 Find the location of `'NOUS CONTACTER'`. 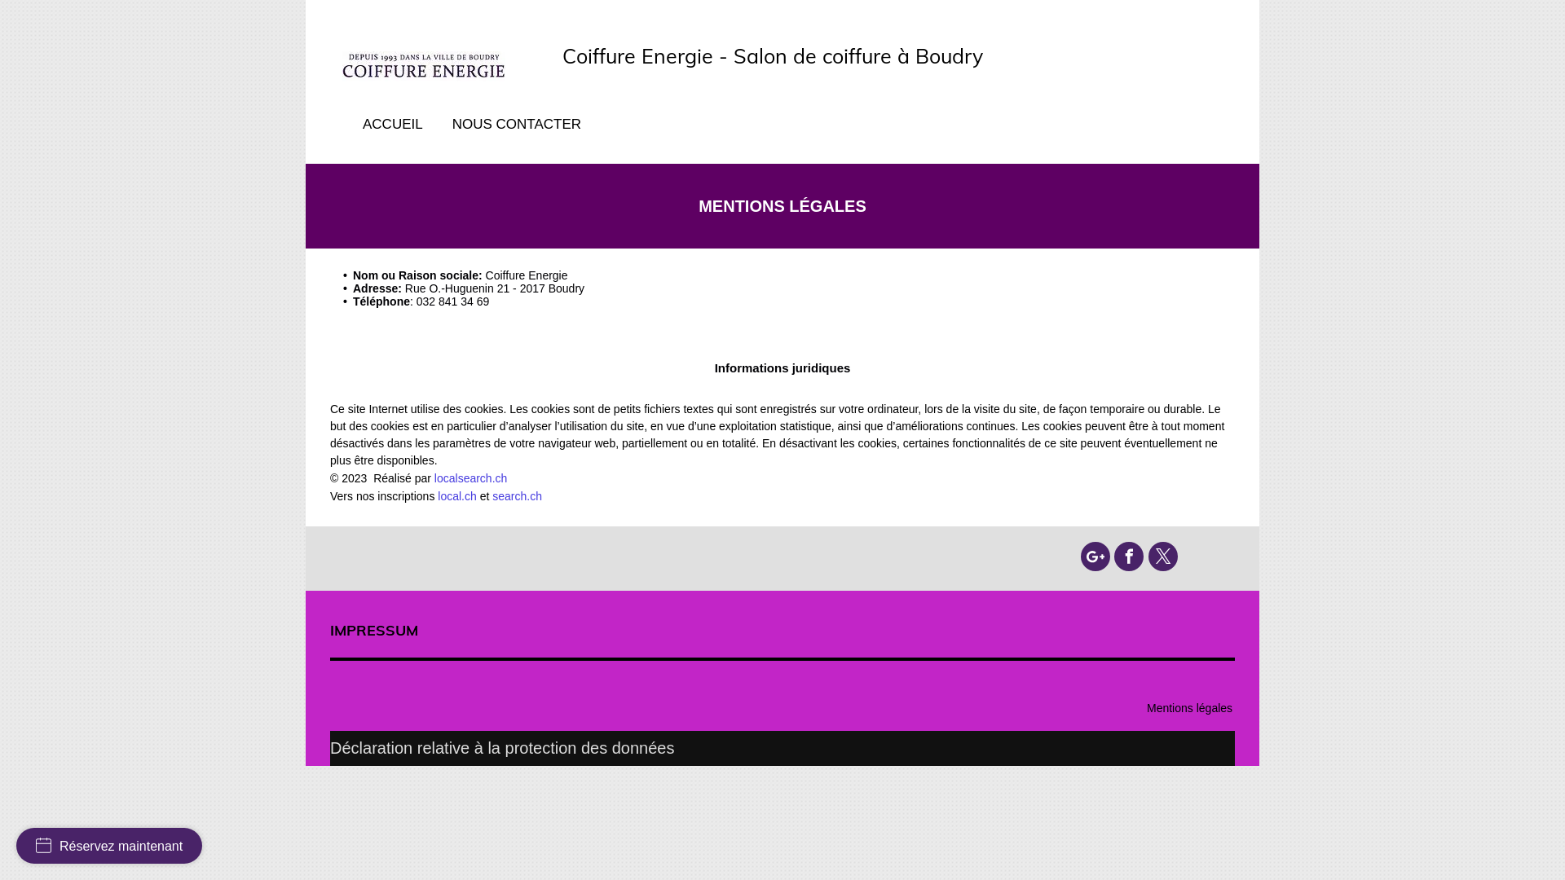

'NOUS CONTACTER' is located at coordinates (518, 124).